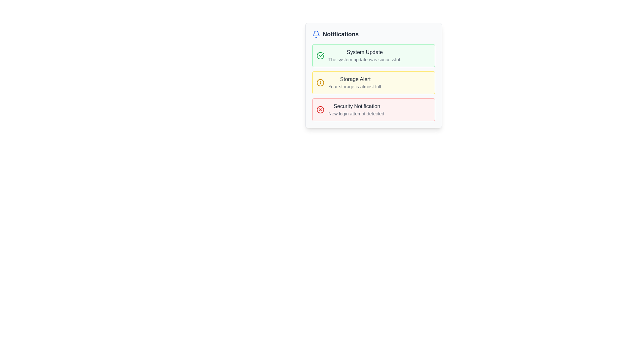 The image size is (633, 356). What do you see at coordinates (341, 34) in the screenshot?
I see `the static text label that serves as a title for the notification section, located centrally near the top of the notification panel, to the right of a bell icon` at bounding box center [341, 34].